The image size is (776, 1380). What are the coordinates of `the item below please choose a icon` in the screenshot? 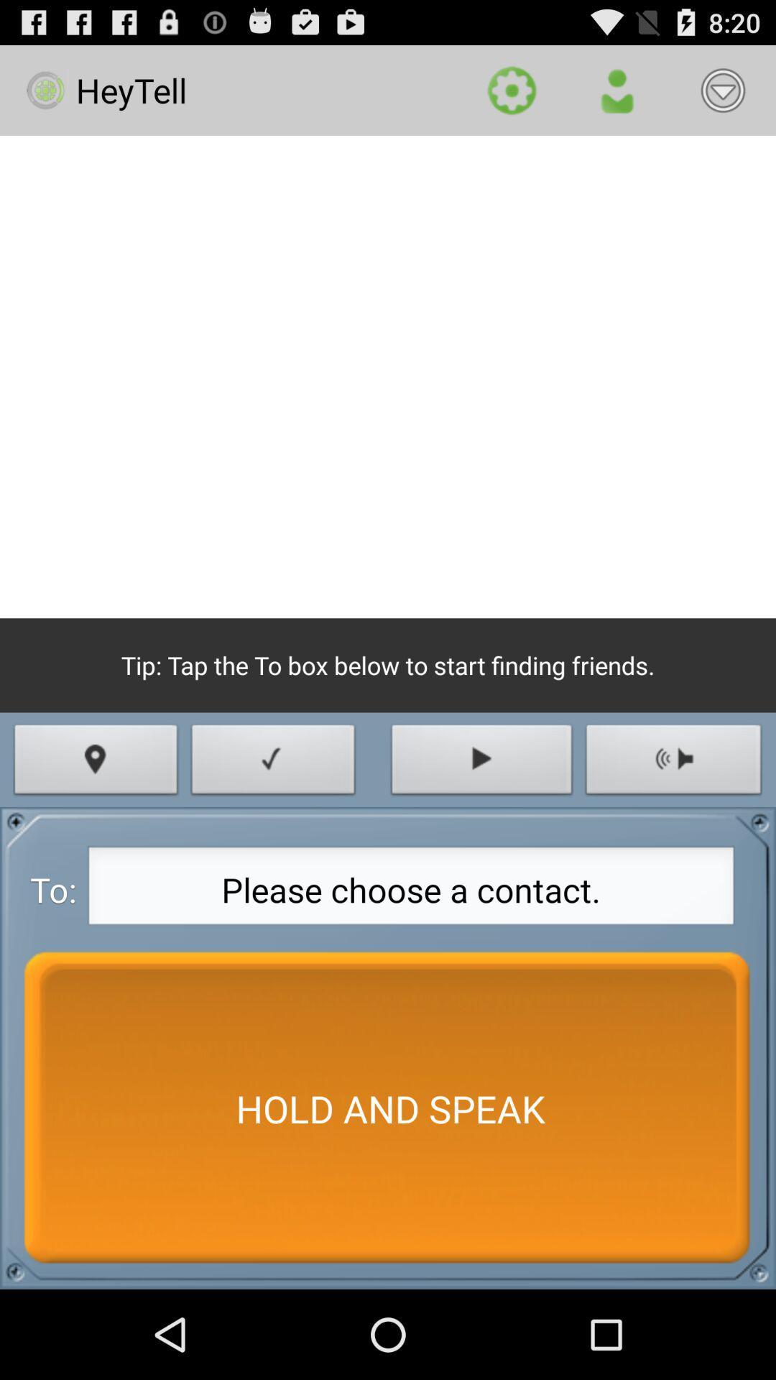 It's located at (388, 1108).